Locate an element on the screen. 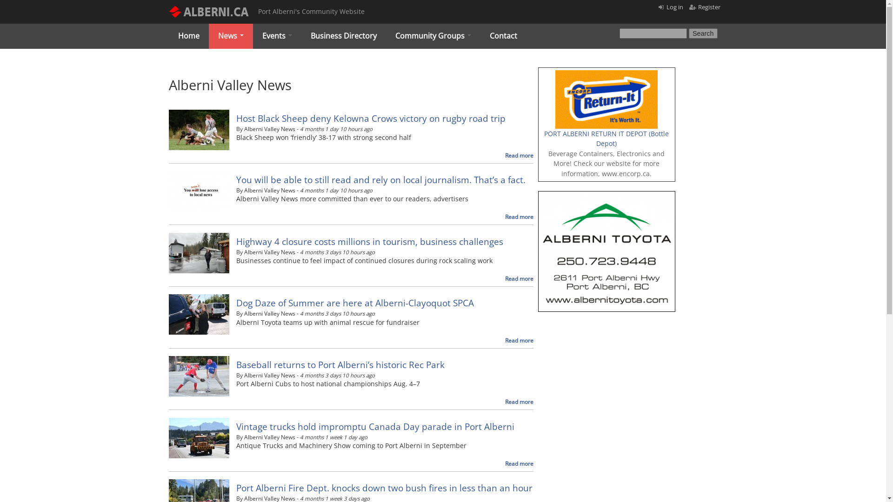 The width and height of the screenshot is (893, 502). 'Log in' is located at coordinates (674, 7).